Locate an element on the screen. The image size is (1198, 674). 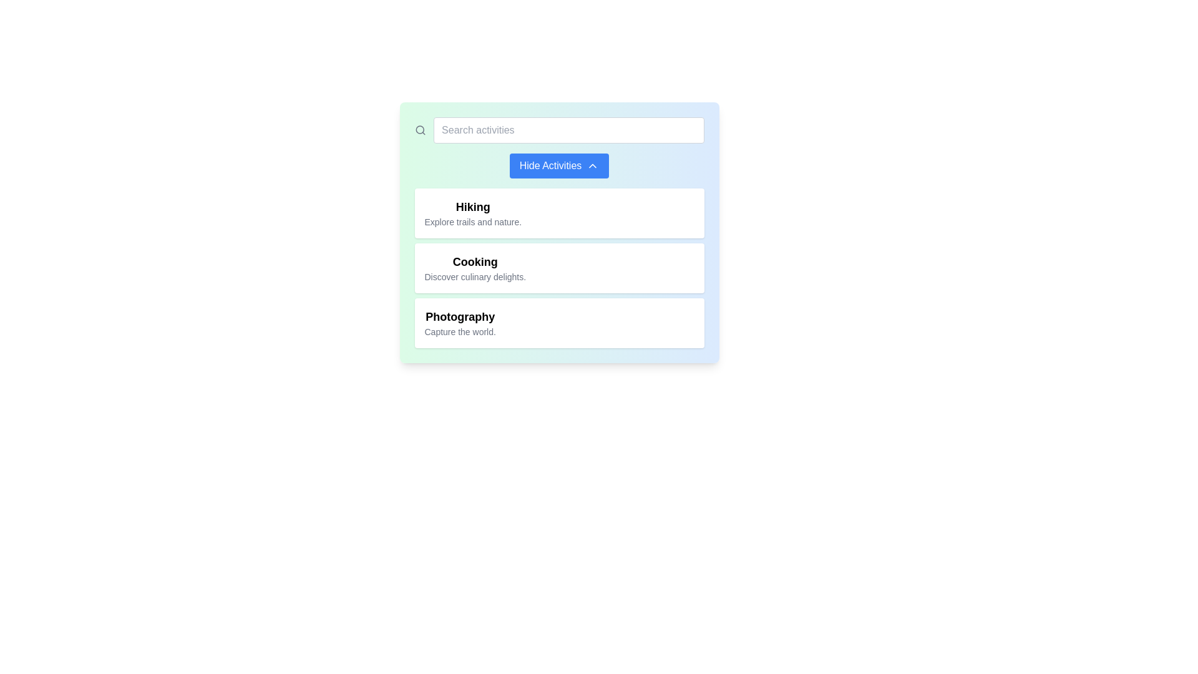
text content of the 'Photography' label, which is a bold title-like text situated above the descriptive text 'Capture the world.' is located at coordinates (459, 316).